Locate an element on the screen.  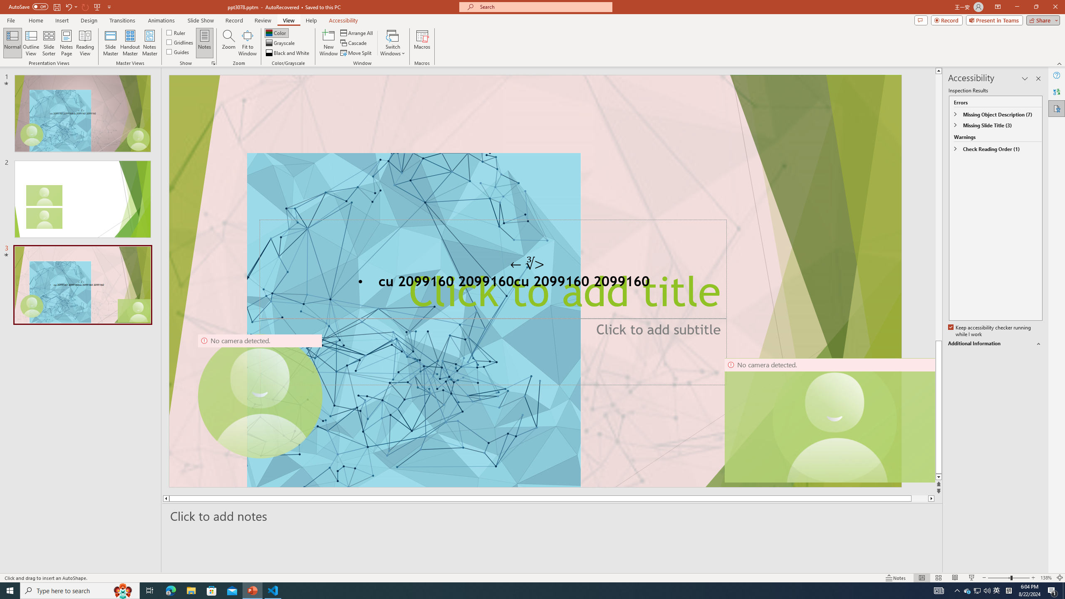
'Quick Access Toolbar' is located at coordinates (60, 7).